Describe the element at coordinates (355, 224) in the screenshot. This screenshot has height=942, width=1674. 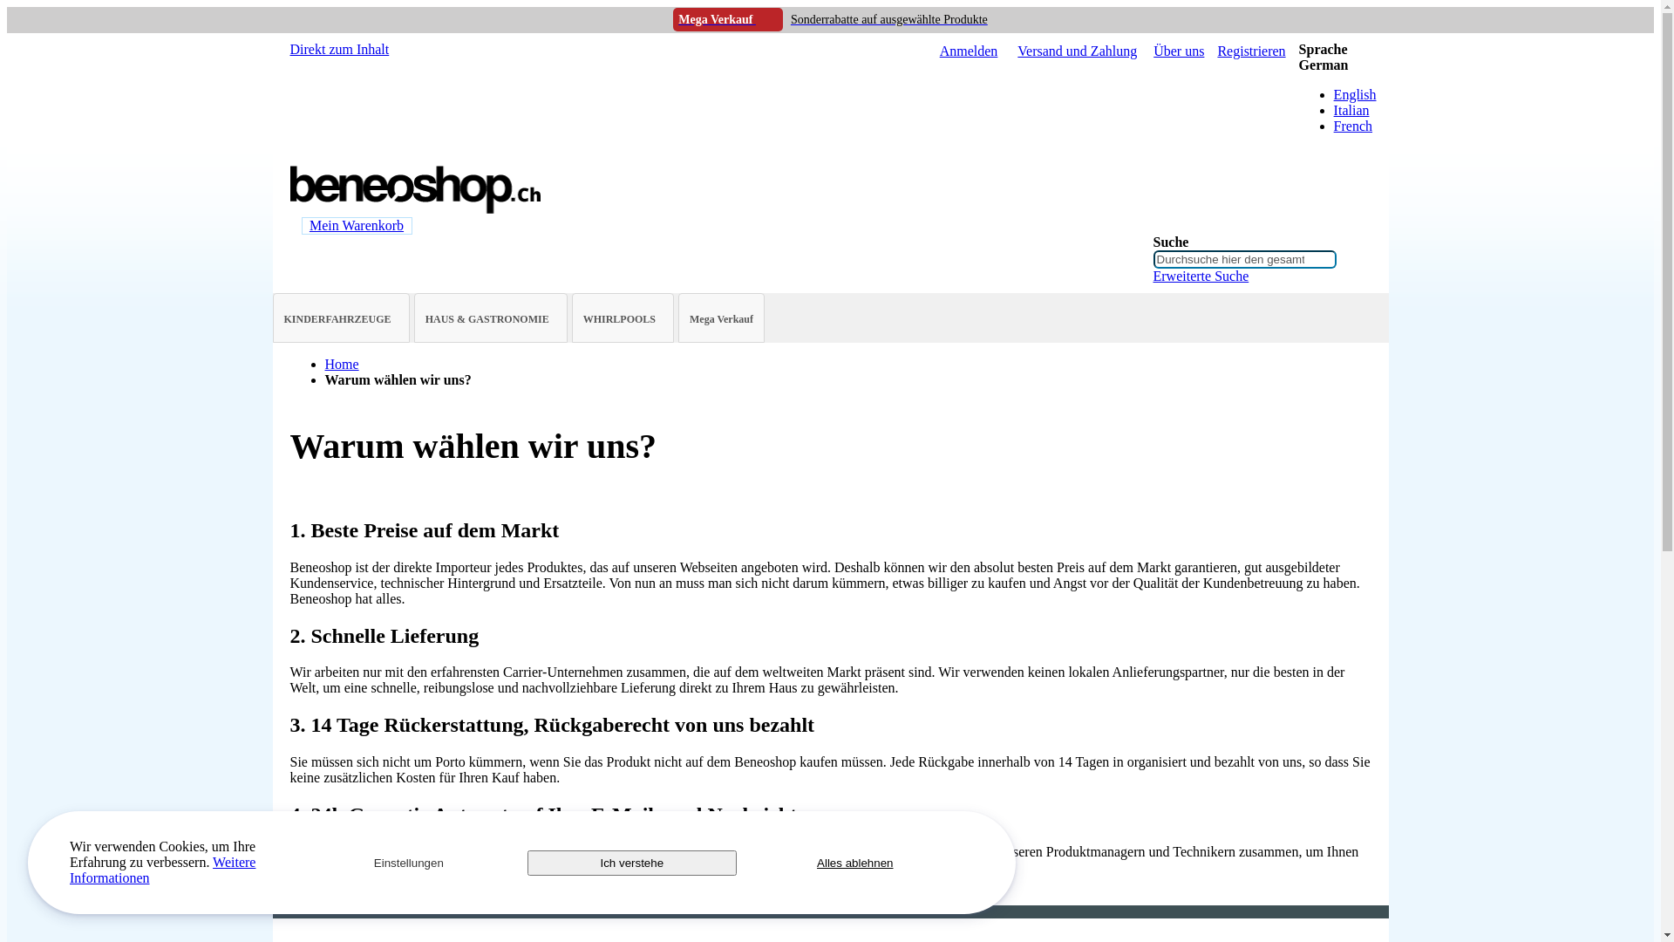
I see `'Mein Warenkorb'` at that location.